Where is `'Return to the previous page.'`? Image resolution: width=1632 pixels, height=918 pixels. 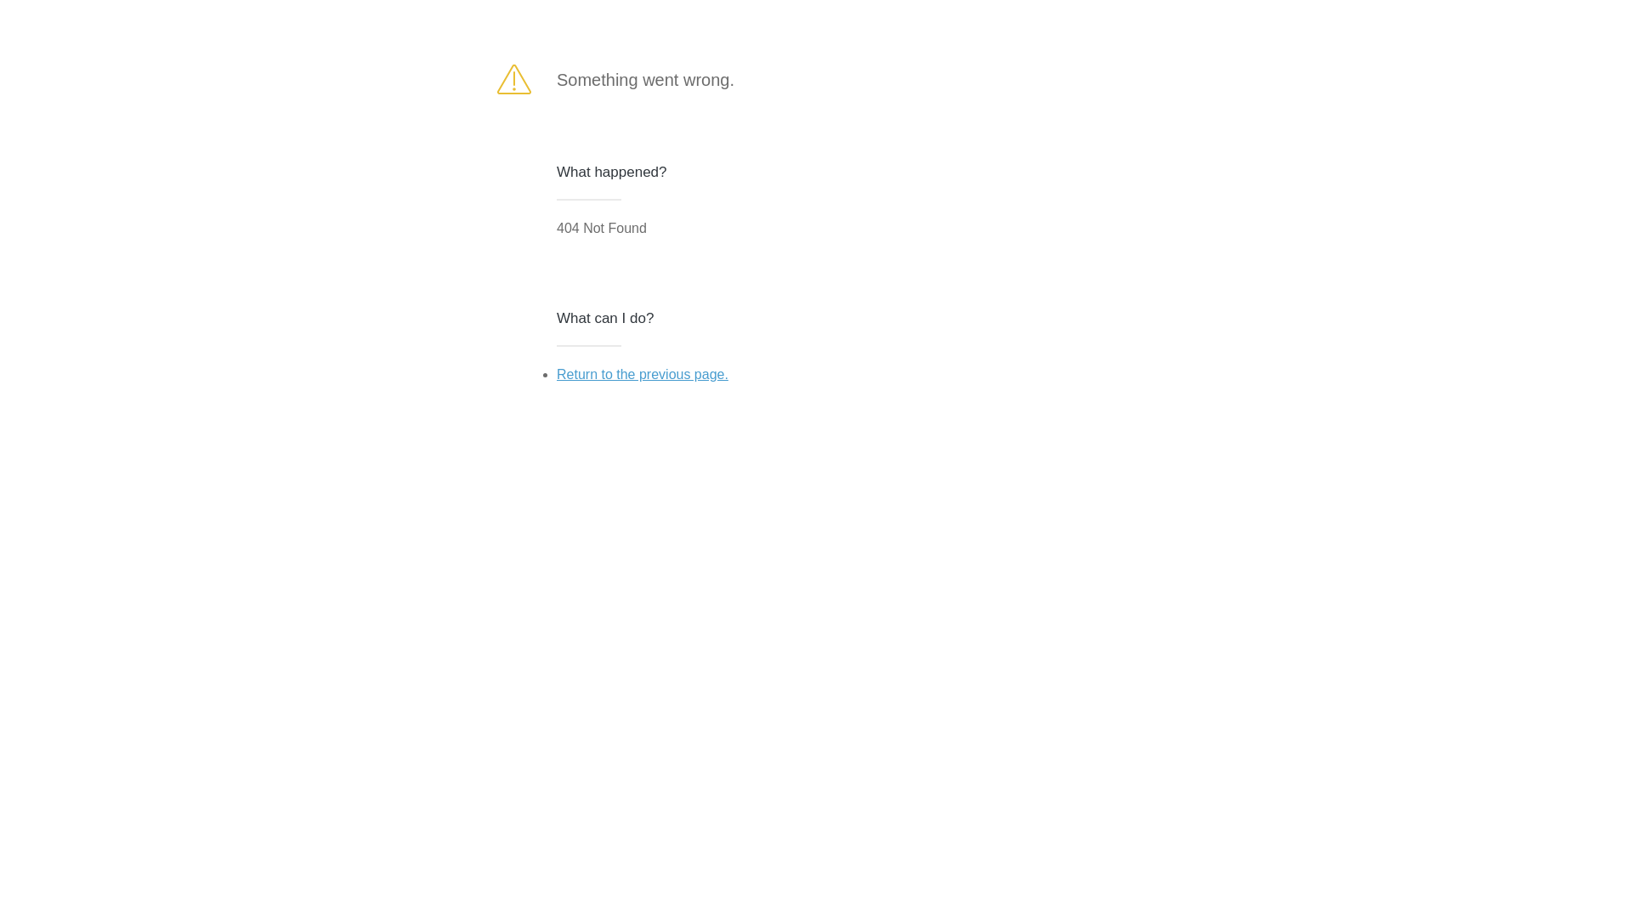
'Return to the previous page.' is located at coordinates (641, 373).